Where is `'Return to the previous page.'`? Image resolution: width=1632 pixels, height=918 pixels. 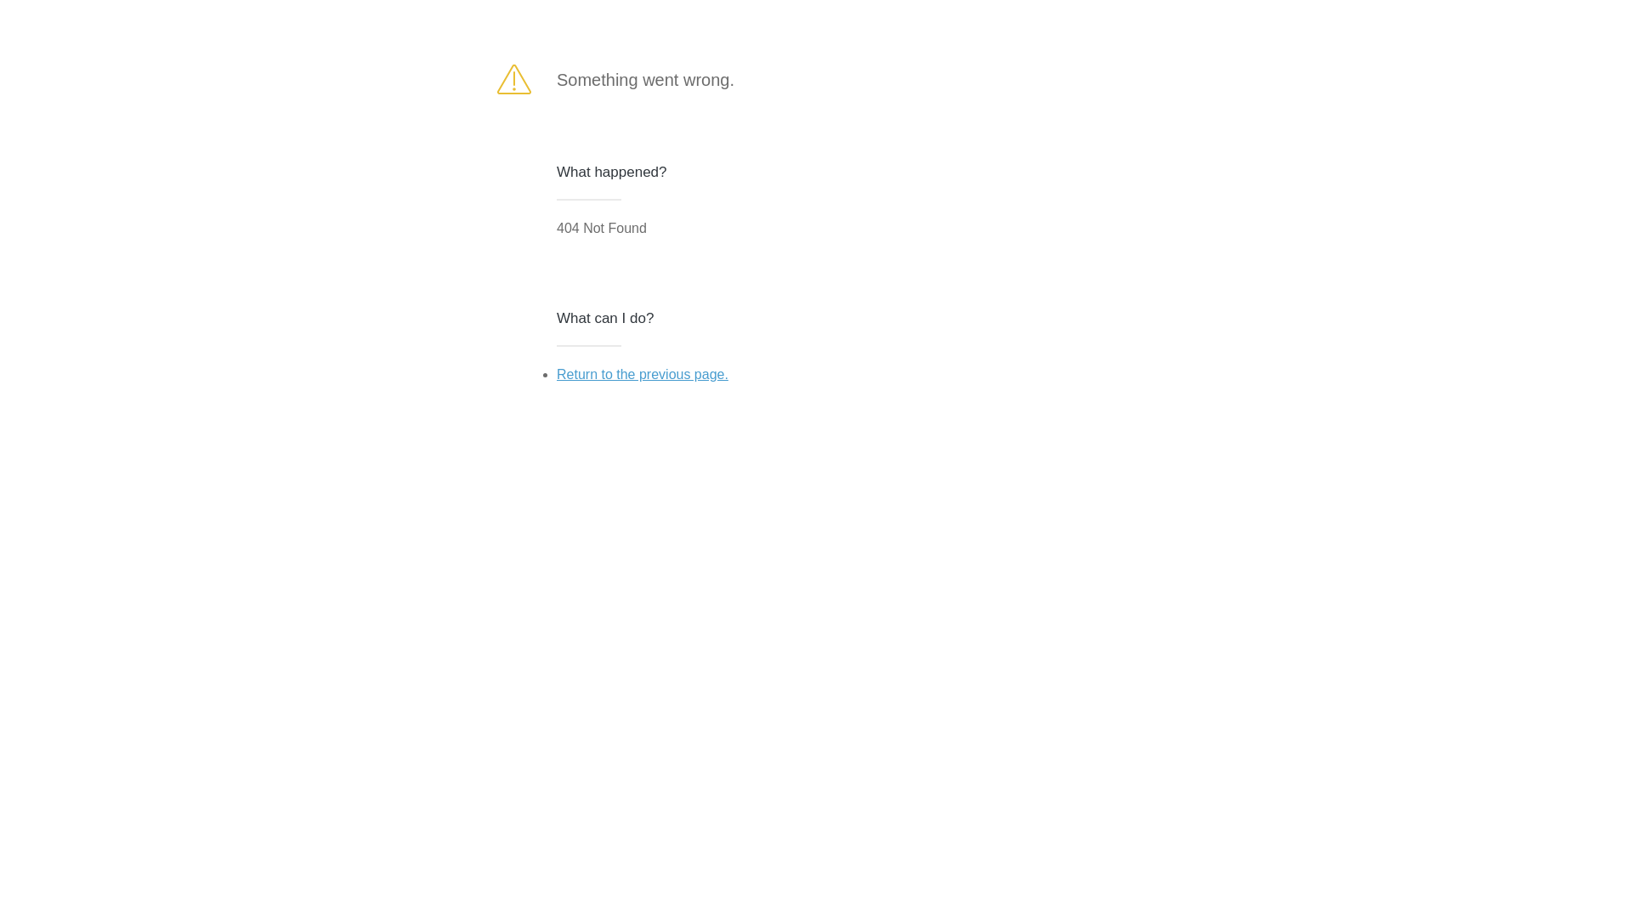
'Return to the previous page.' is located at coordinates (641, 373).